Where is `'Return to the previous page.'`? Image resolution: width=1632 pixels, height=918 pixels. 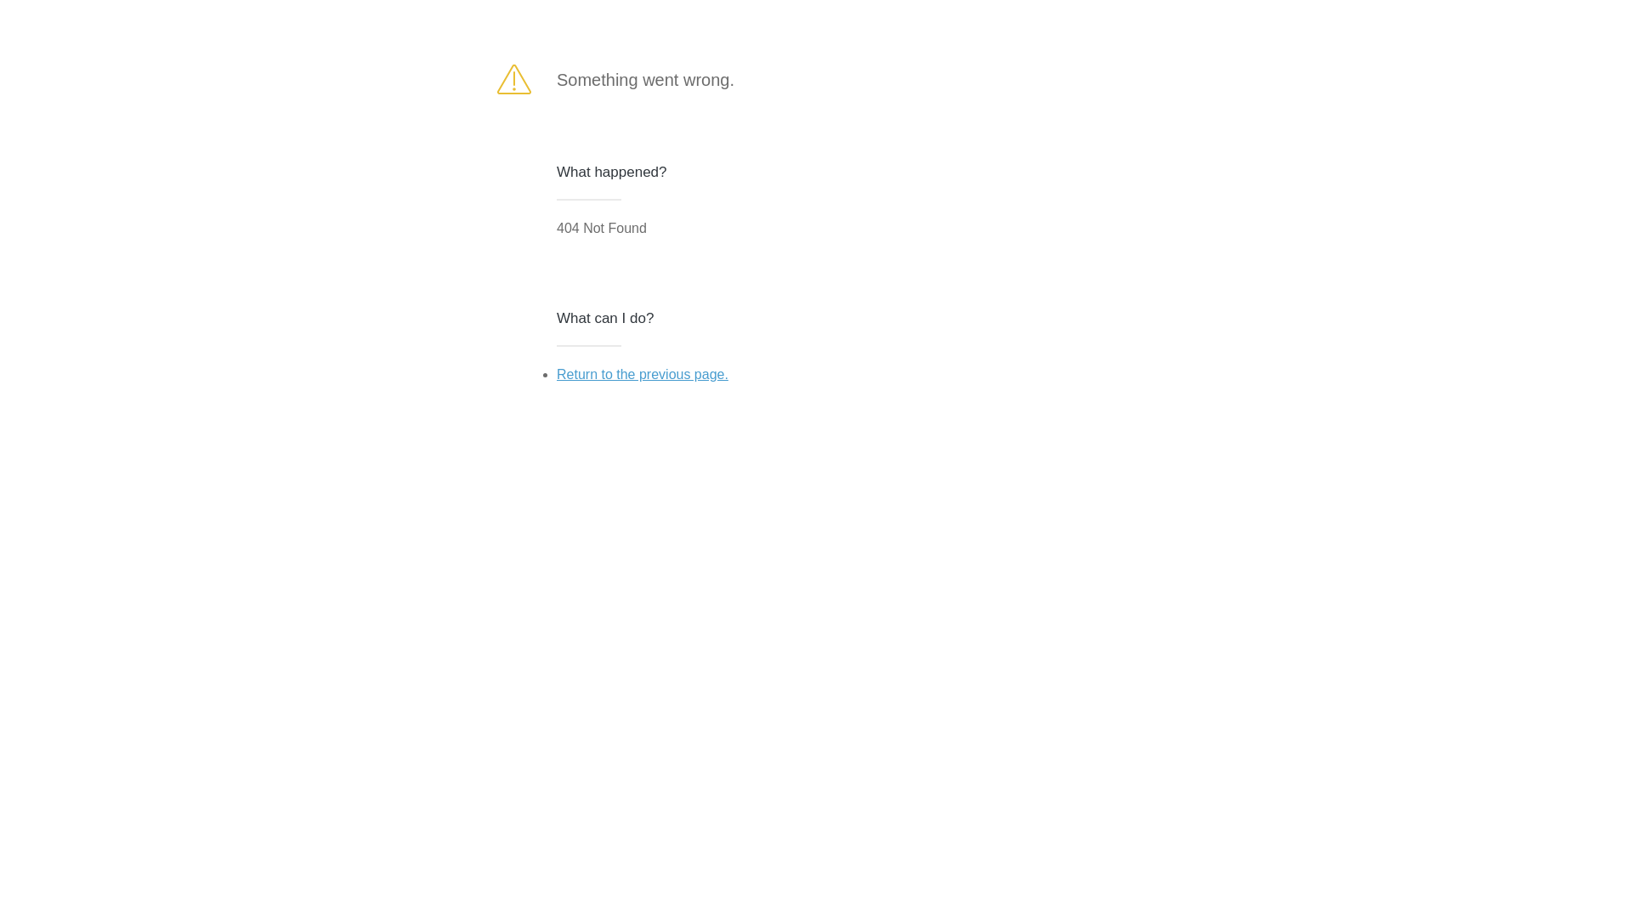
'Return to the previous page.' is located at coordinates (641, 373).